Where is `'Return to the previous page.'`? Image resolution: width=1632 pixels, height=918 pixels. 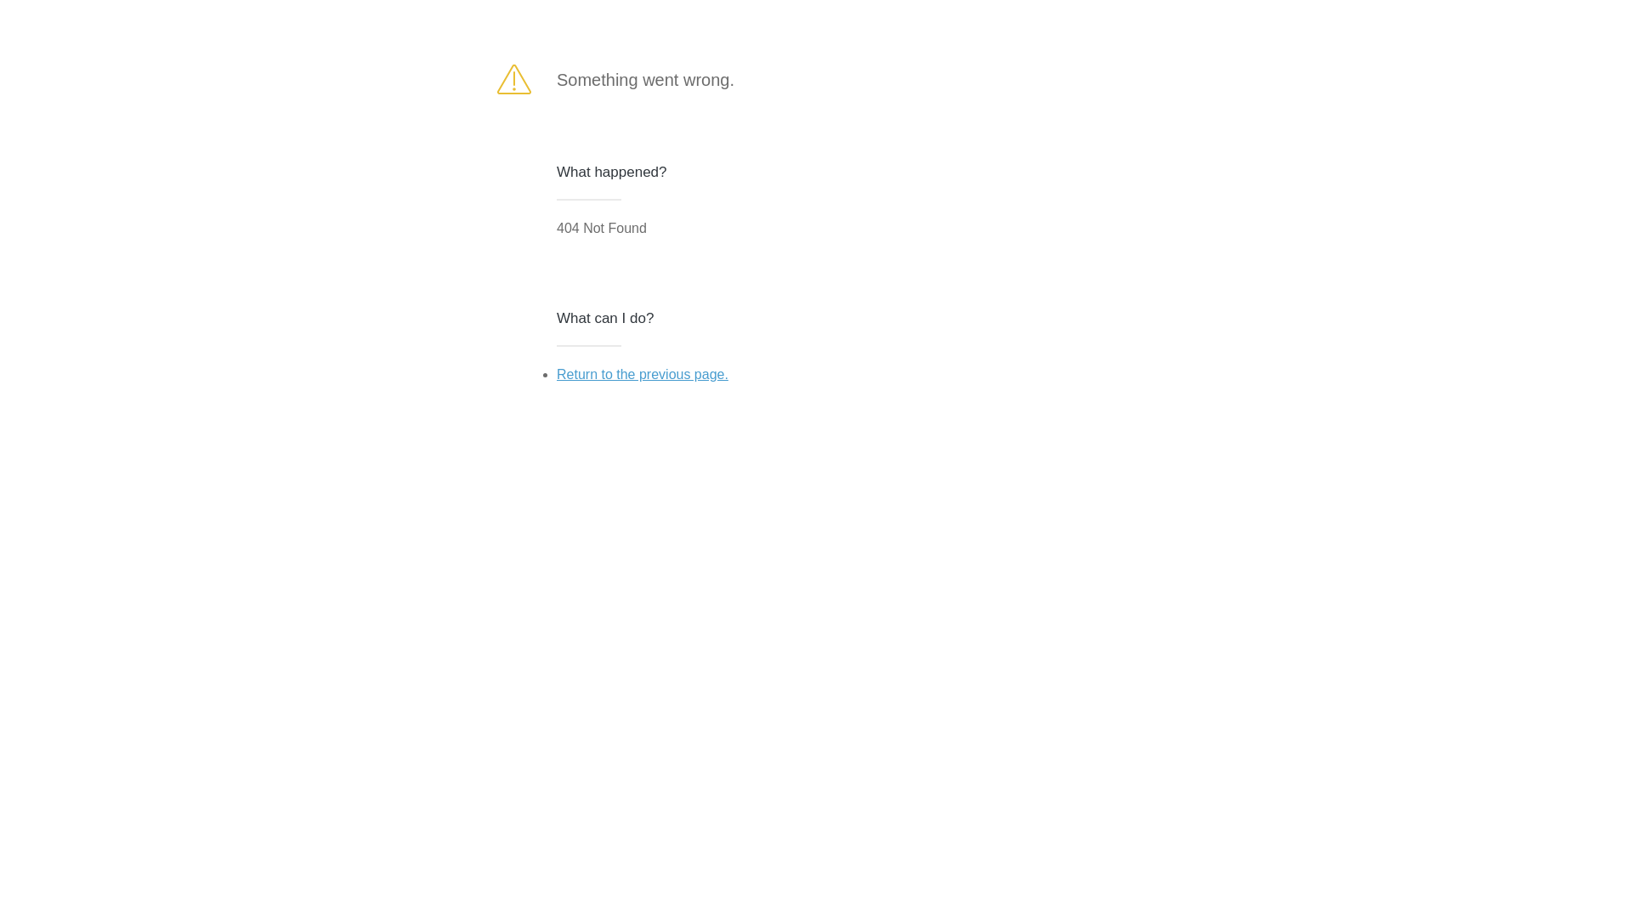
'Return to the previous page.' is located at coordinates (641, 373).